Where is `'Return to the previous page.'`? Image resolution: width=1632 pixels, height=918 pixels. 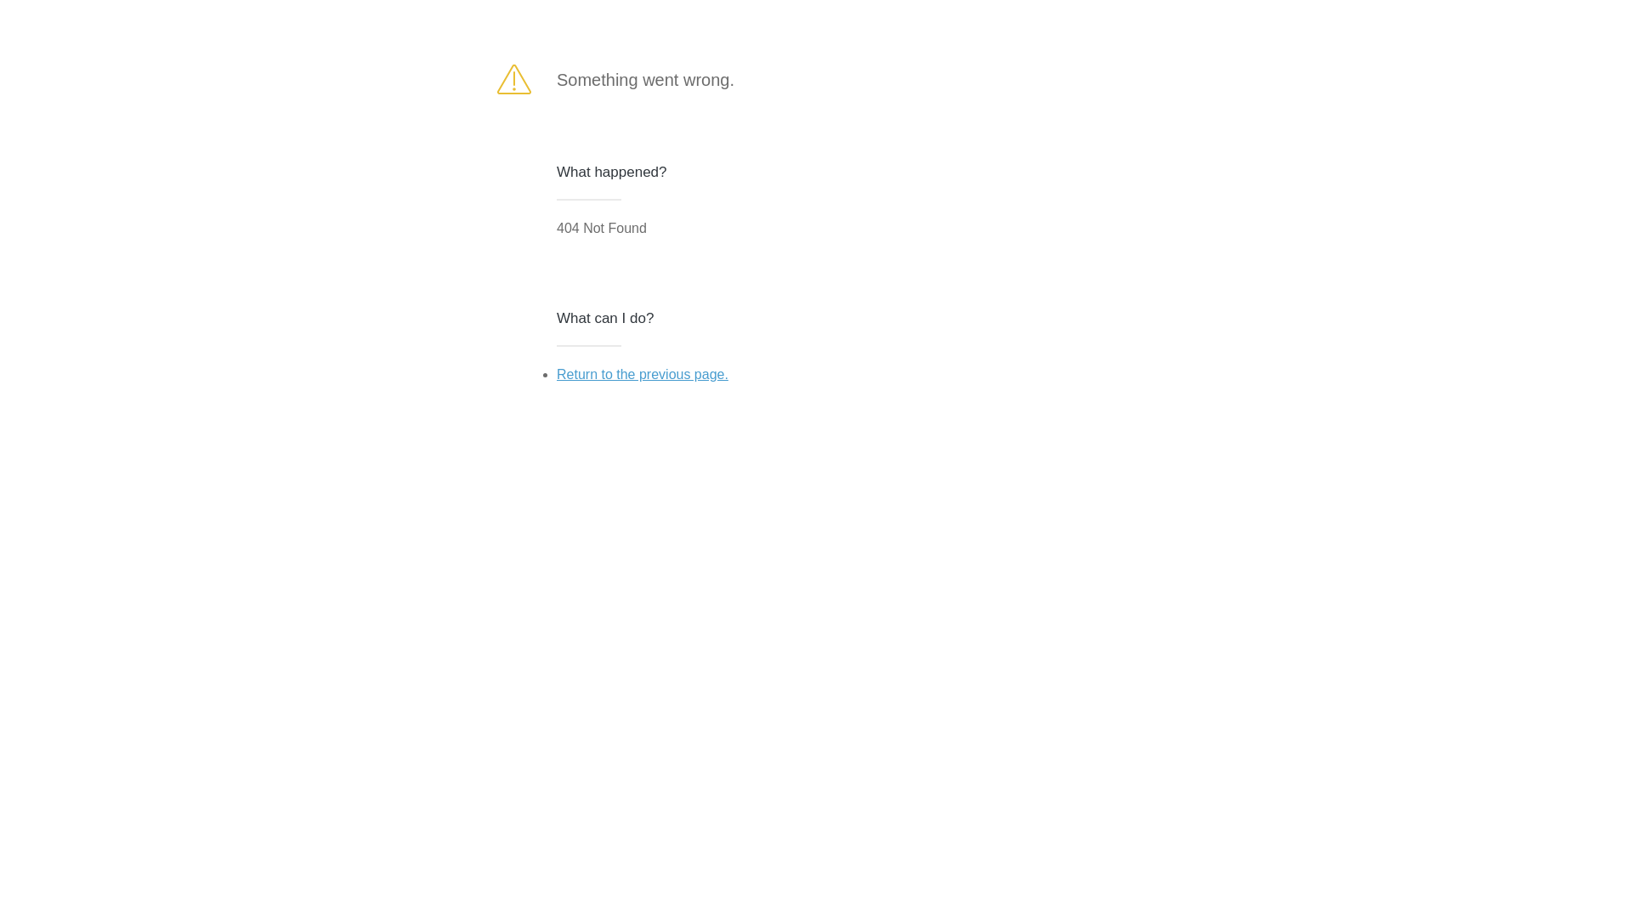
'Return to the previous page.' is located at coordinates (641, 373).